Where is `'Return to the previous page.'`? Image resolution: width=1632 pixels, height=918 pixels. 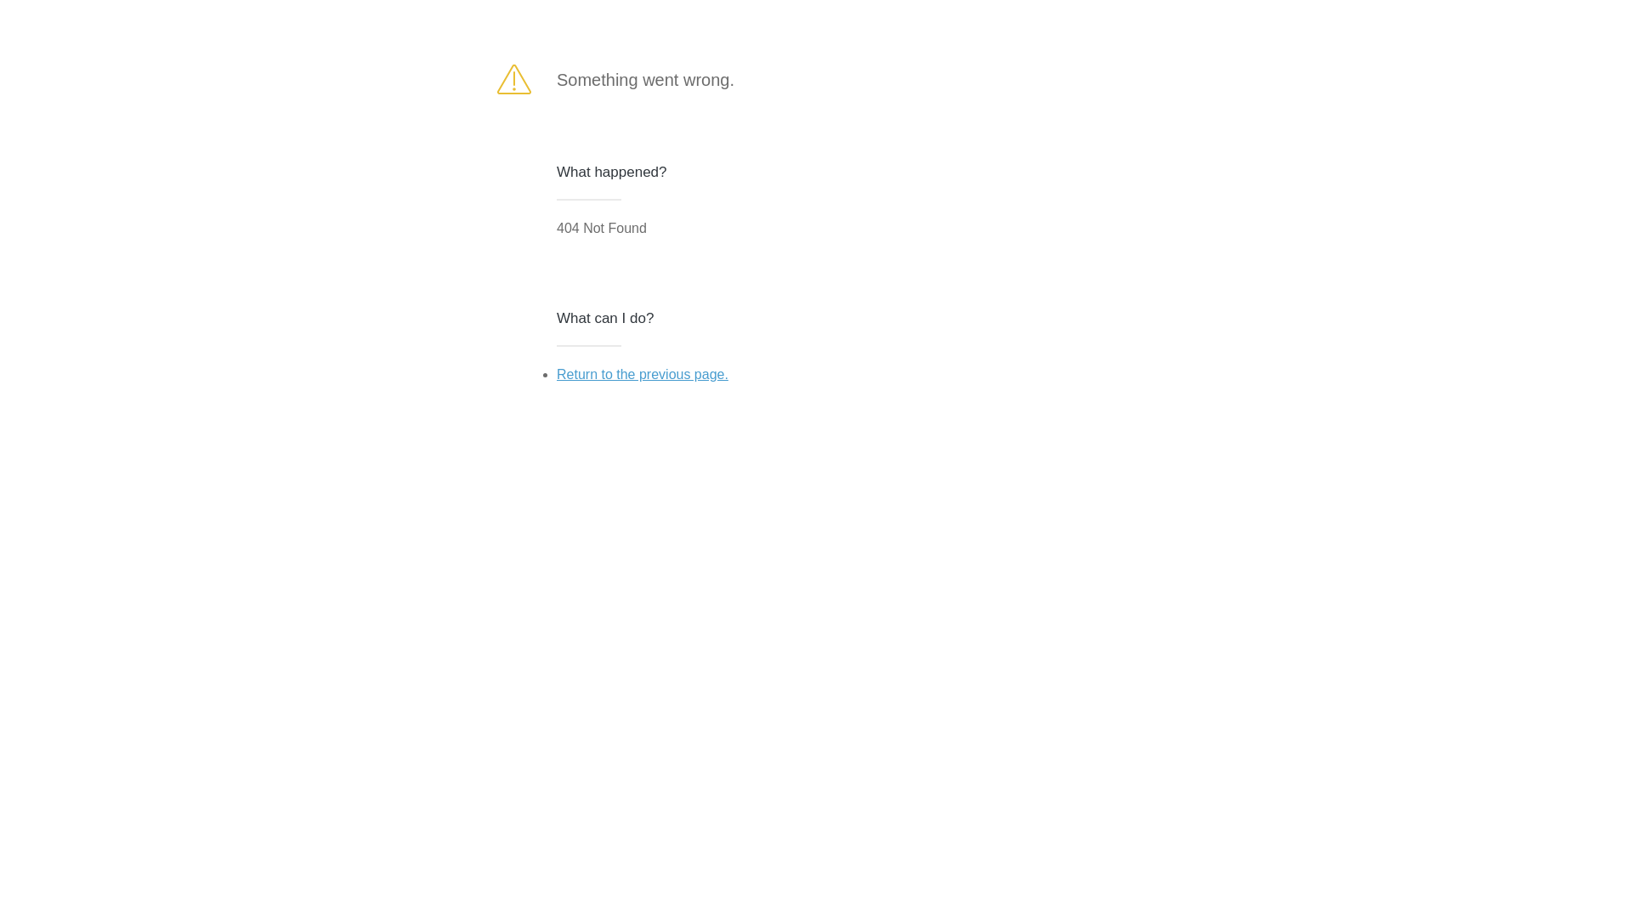
'Return to the previous page.' is located at coordinates (641, 373).